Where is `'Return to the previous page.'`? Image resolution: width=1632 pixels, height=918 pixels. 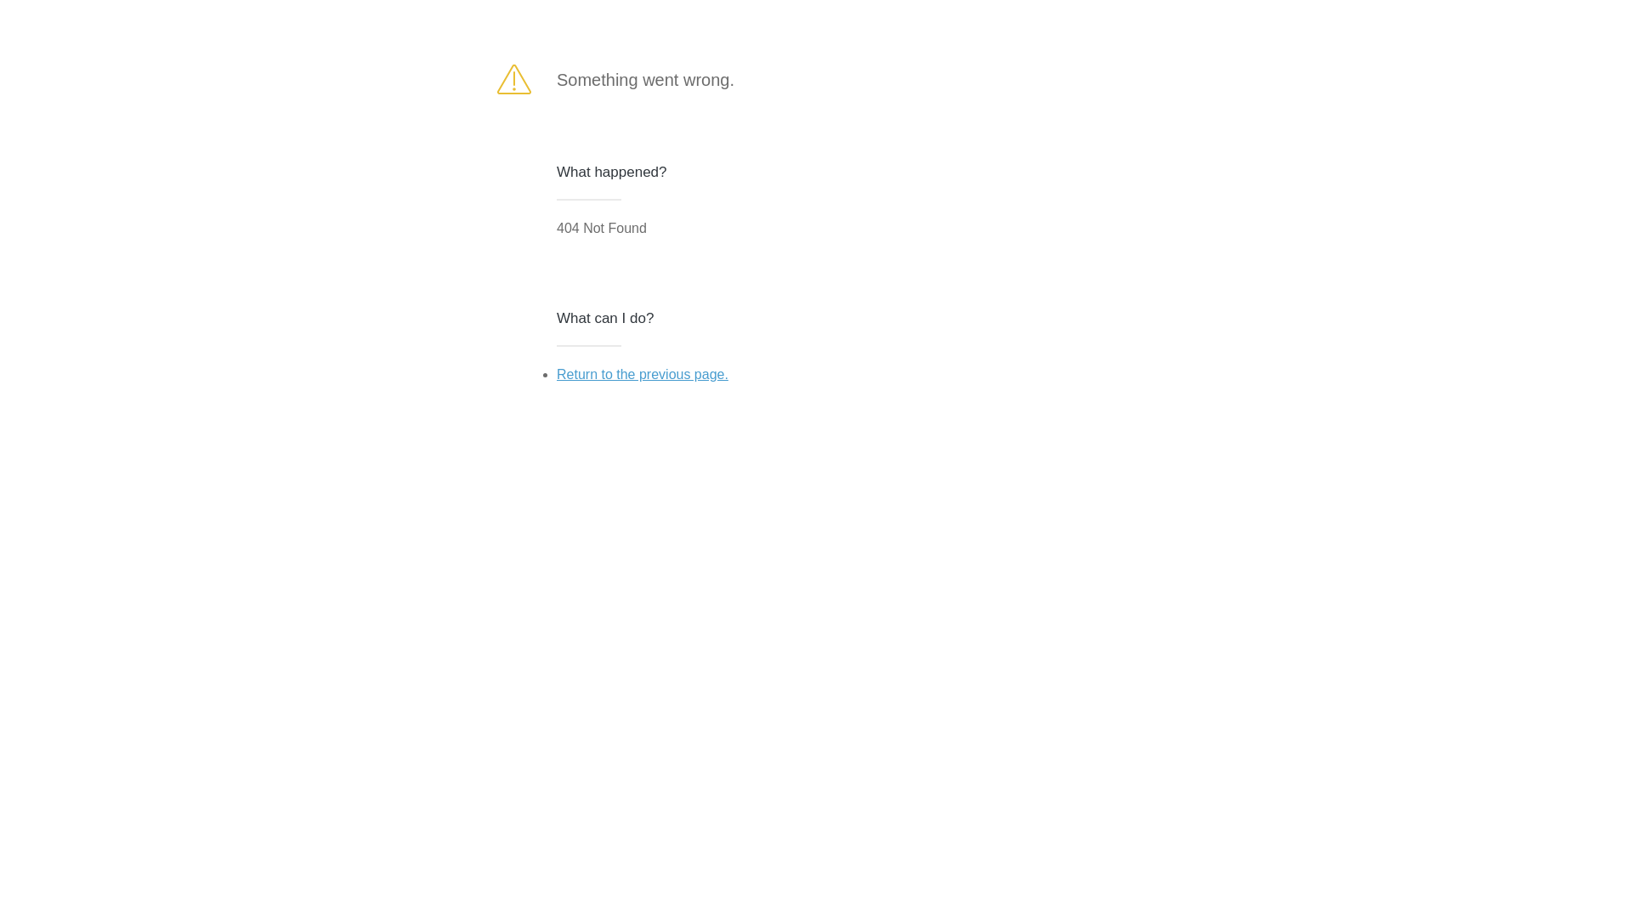
'Return to the previous page.' is located at coordinates (641, 373).